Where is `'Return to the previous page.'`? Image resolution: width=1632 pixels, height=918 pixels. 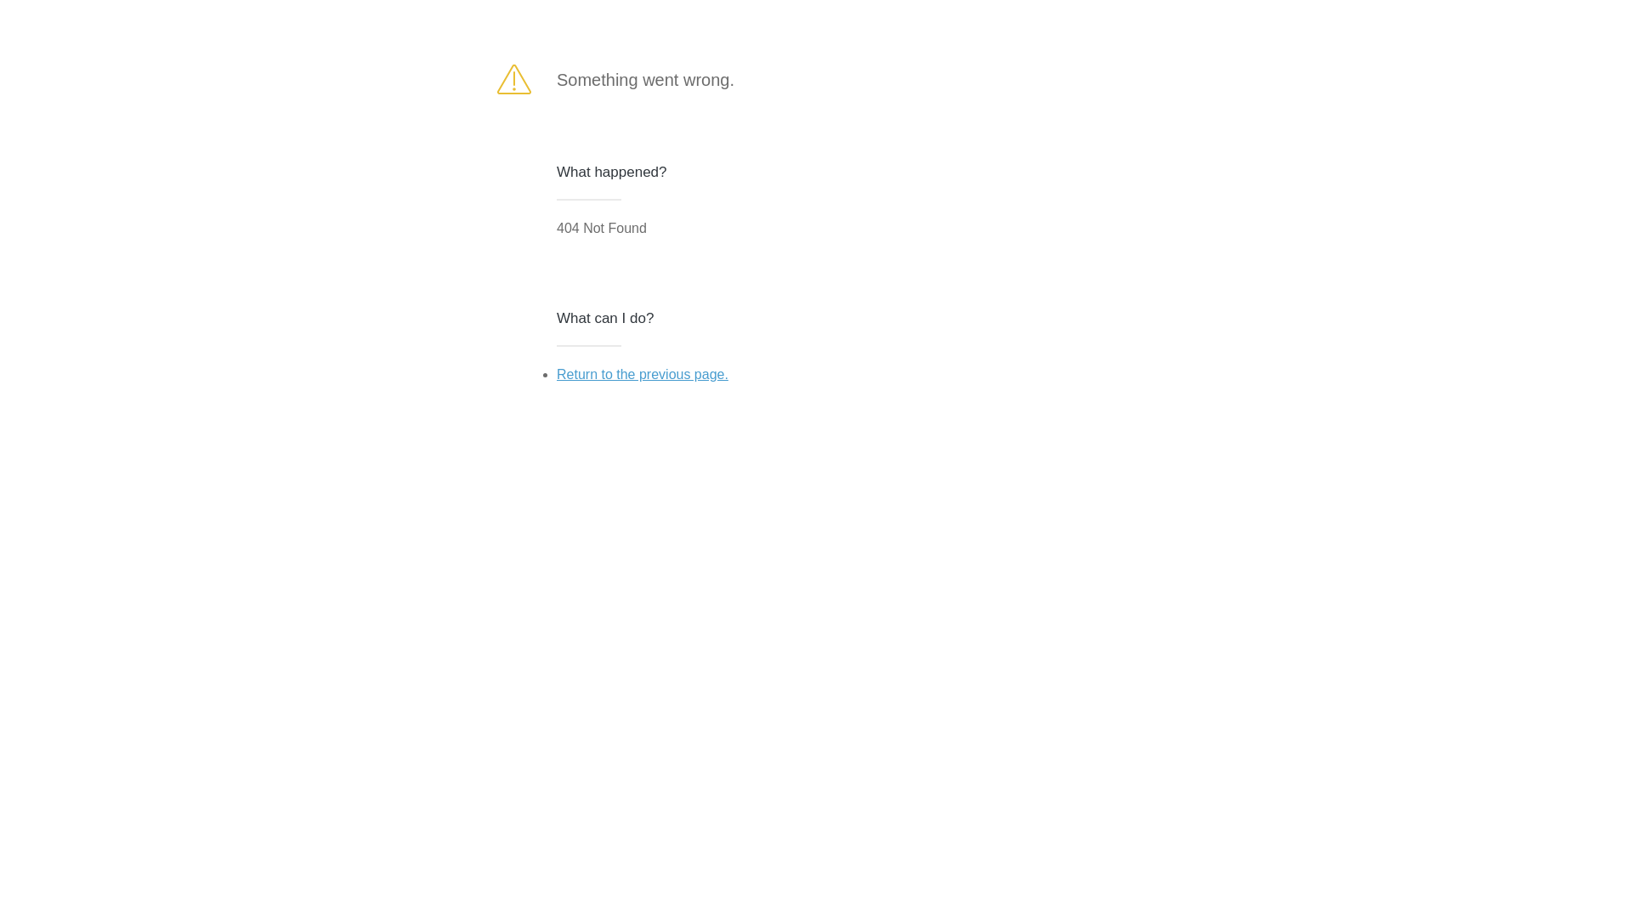
'Return to the previous page.' is located at coordinates (641, 373).